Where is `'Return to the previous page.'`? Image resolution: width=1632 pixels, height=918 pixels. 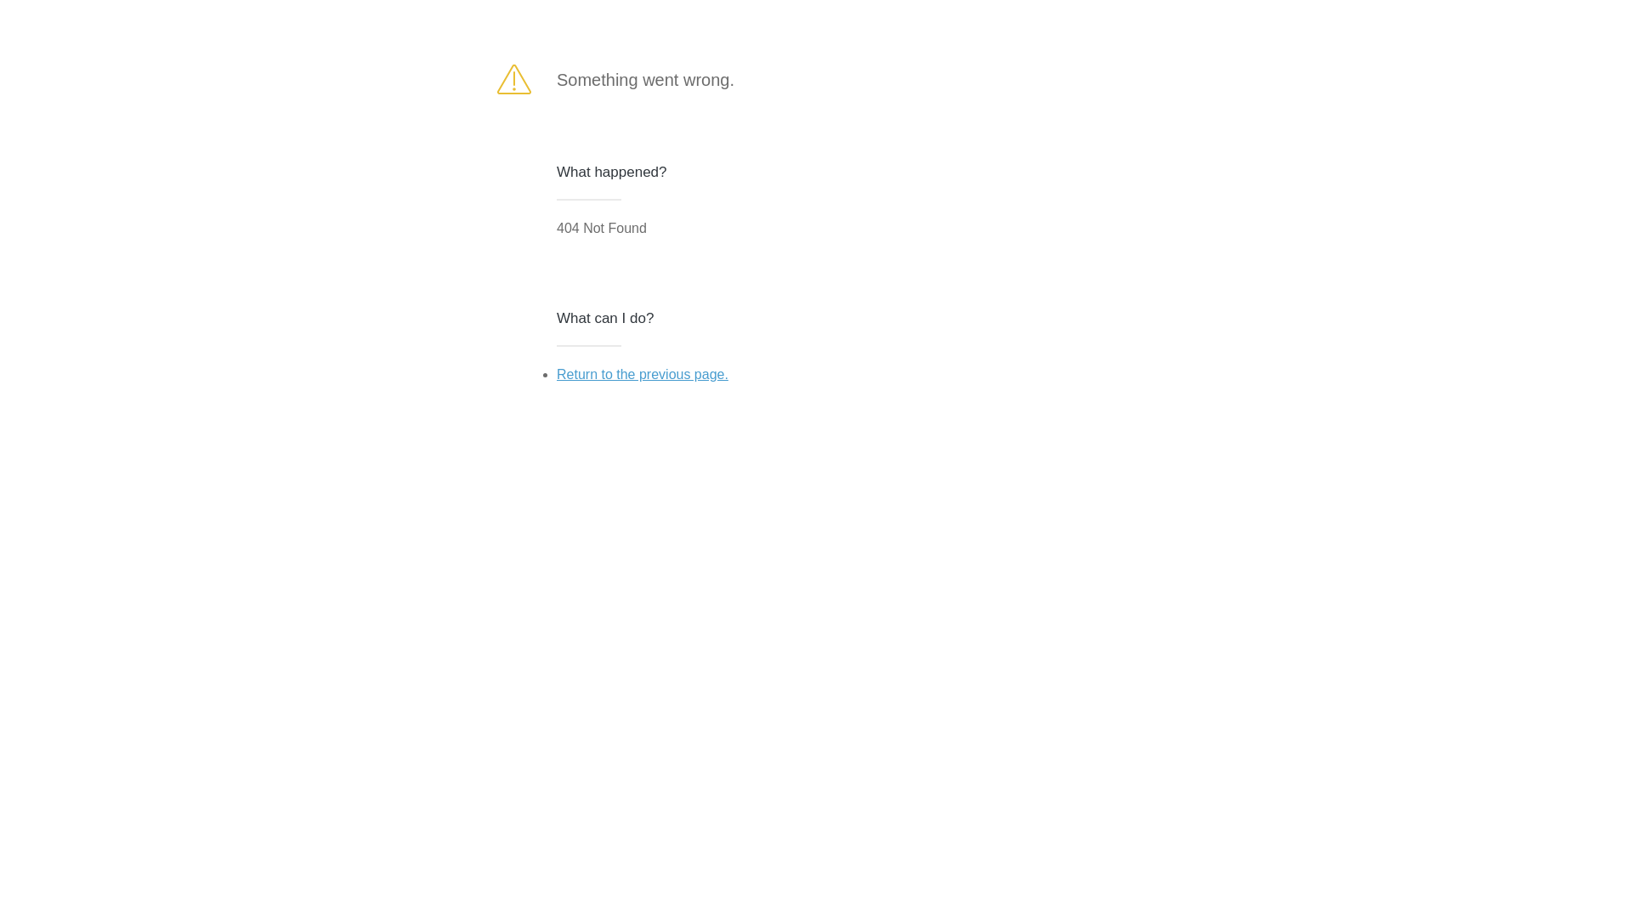
'Return to the previous page.' is located at coordinates (641, 373).